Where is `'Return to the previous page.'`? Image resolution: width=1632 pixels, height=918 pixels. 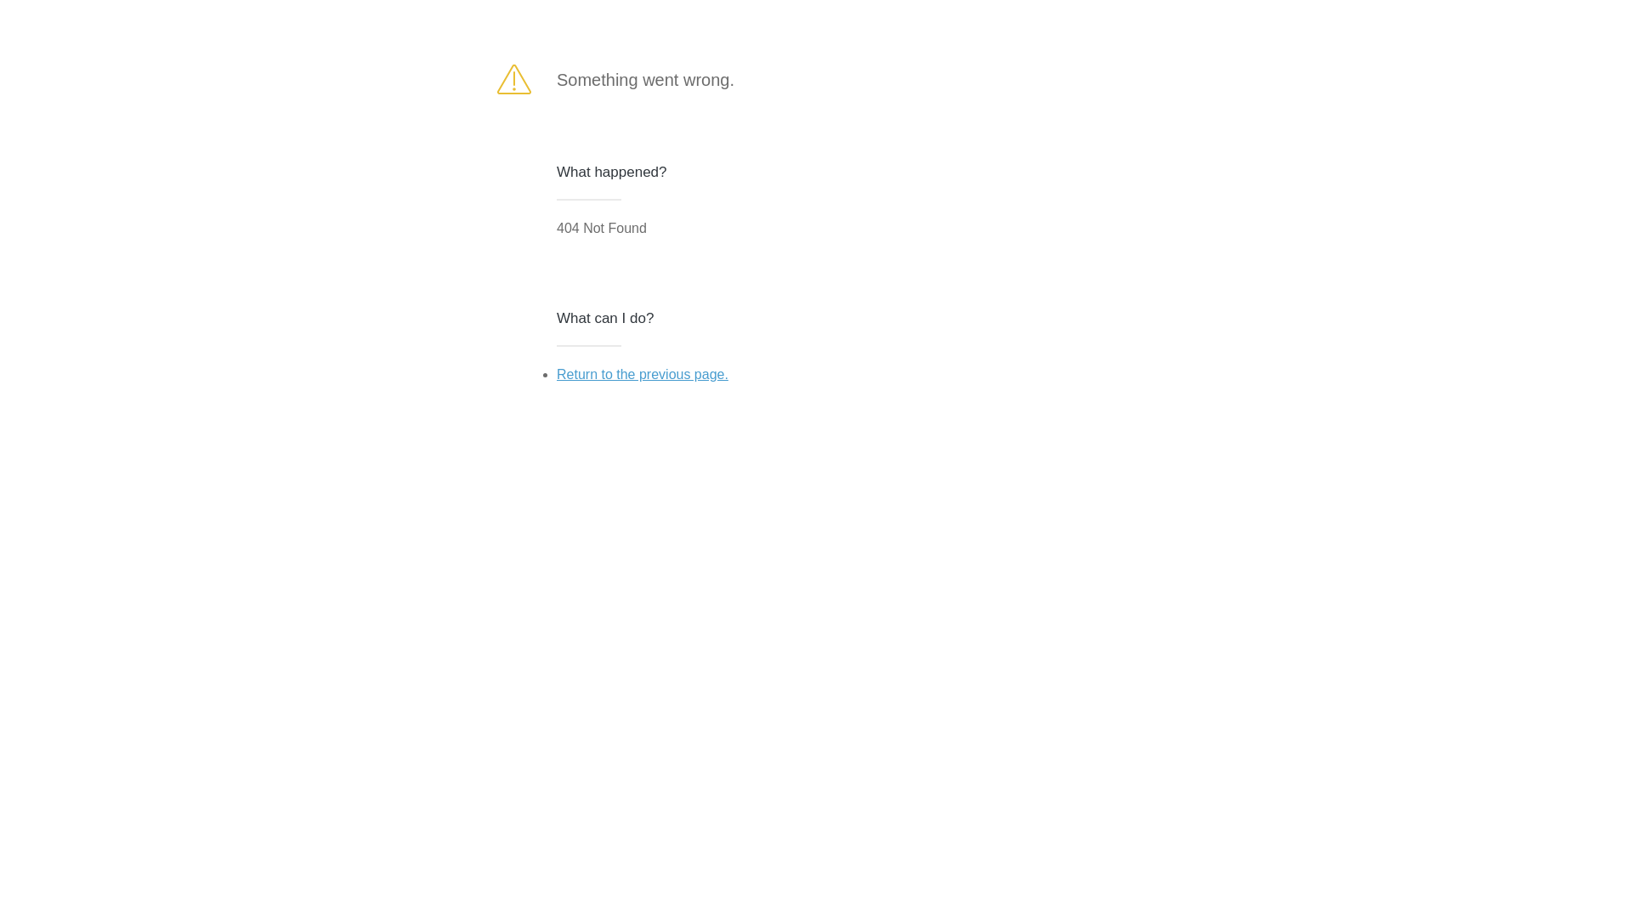
'Return to the previous page.' is located at coordinates (641, 373).